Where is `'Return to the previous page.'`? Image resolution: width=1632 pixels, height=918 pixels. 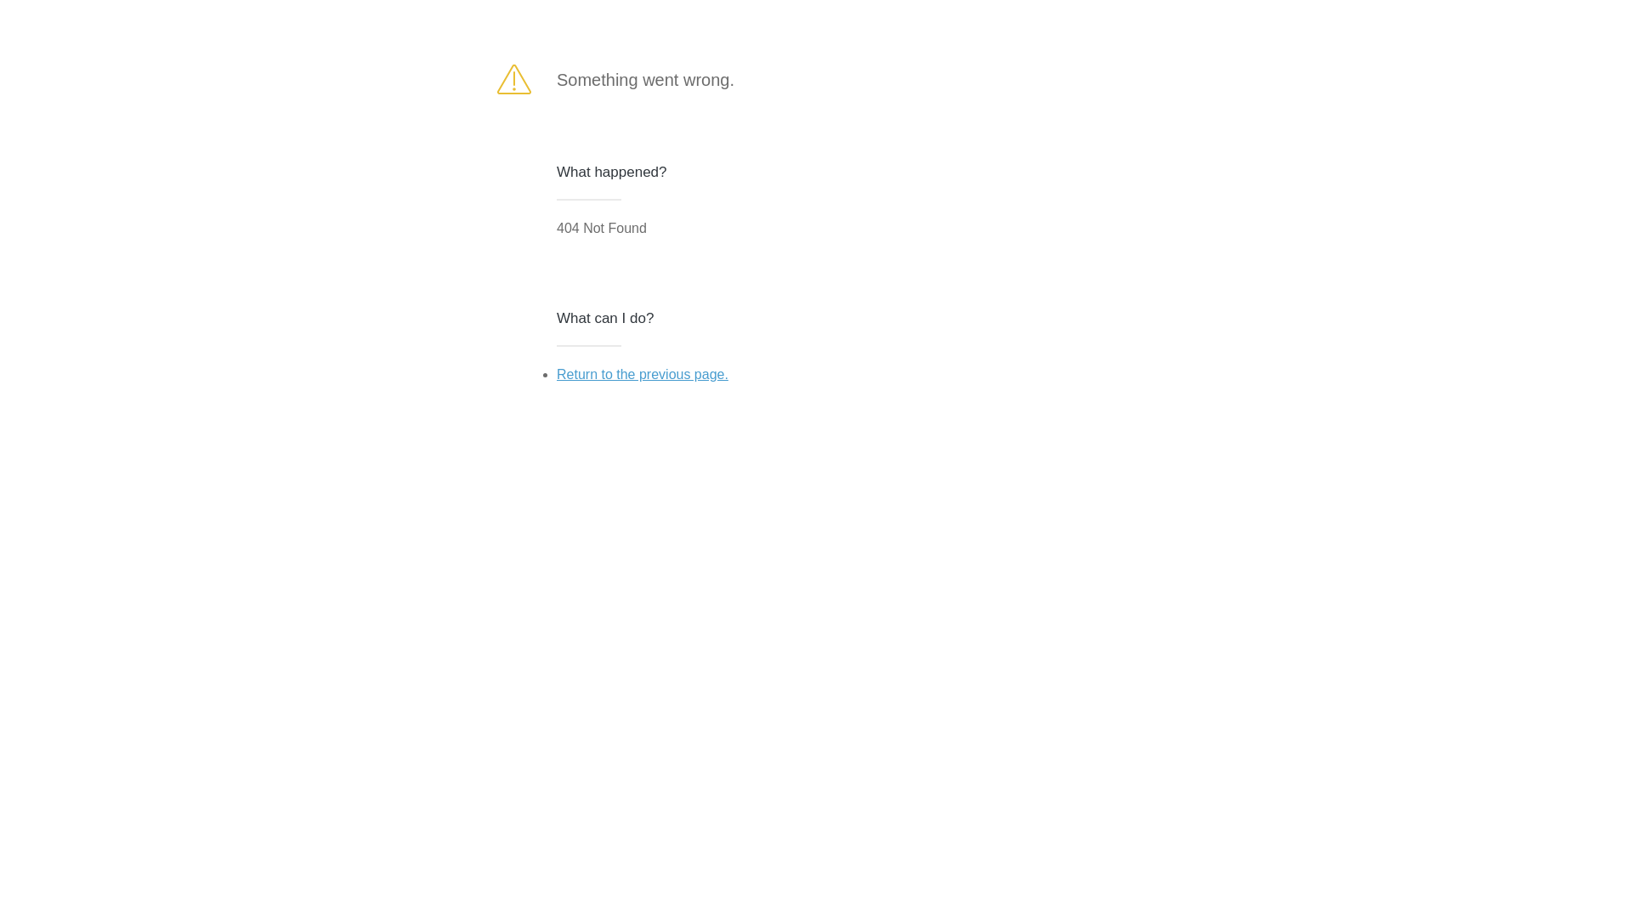
'Return to the previous page.' is located at coordinates (641, 373).